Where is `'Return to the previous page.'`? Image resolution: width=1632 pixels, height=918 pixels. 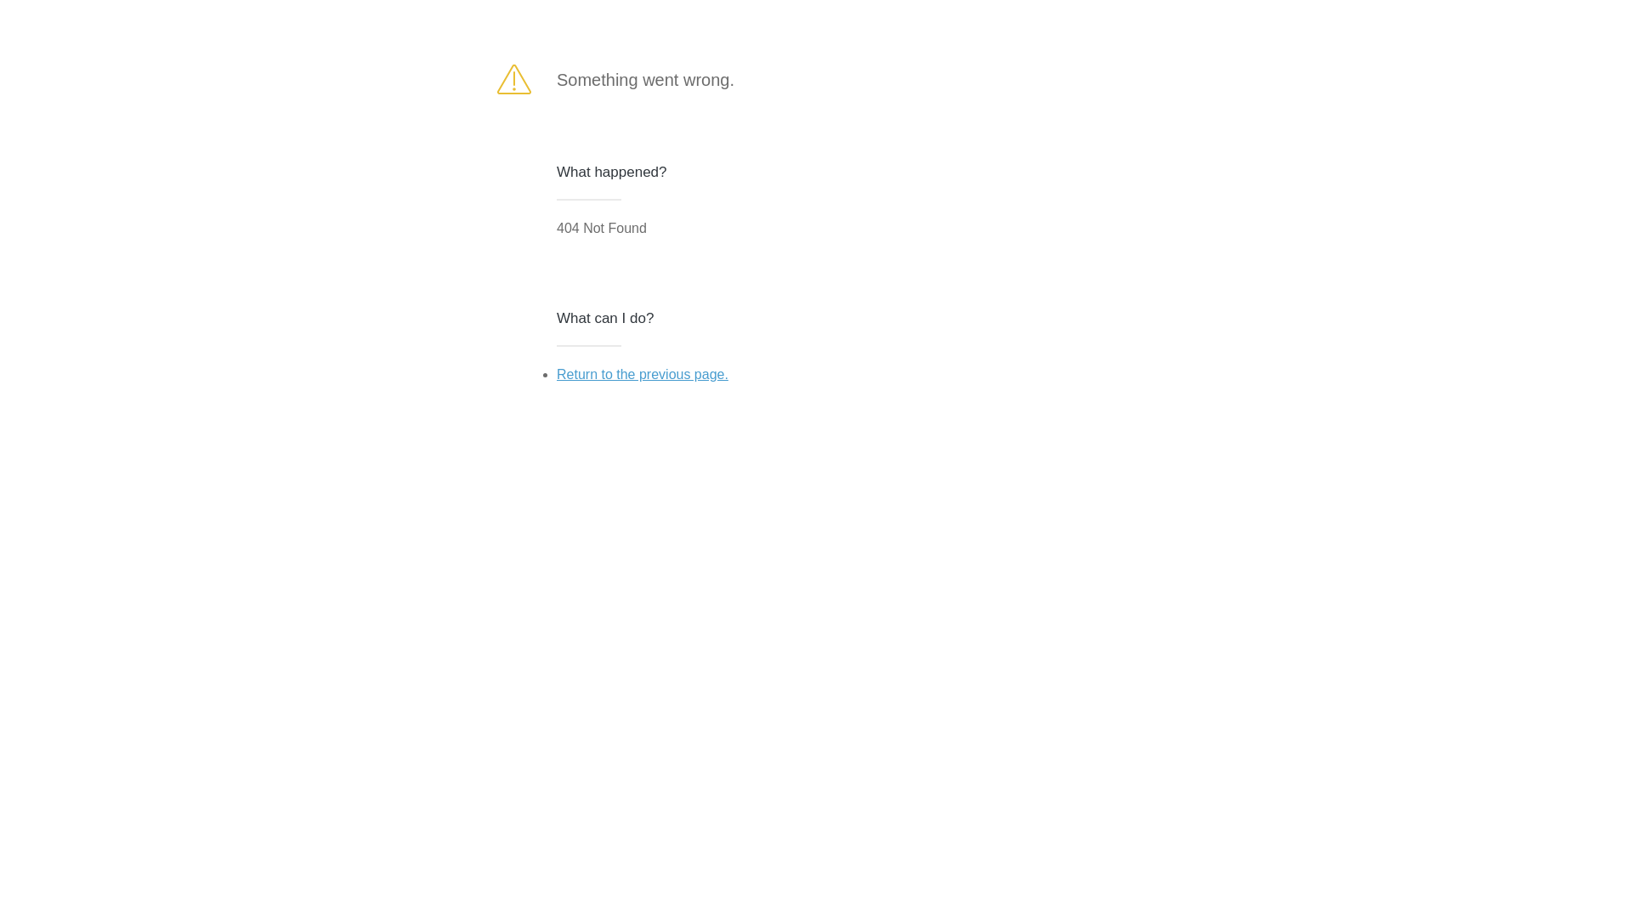
'Return to the previous page.' is located at coordinates (641, 373).